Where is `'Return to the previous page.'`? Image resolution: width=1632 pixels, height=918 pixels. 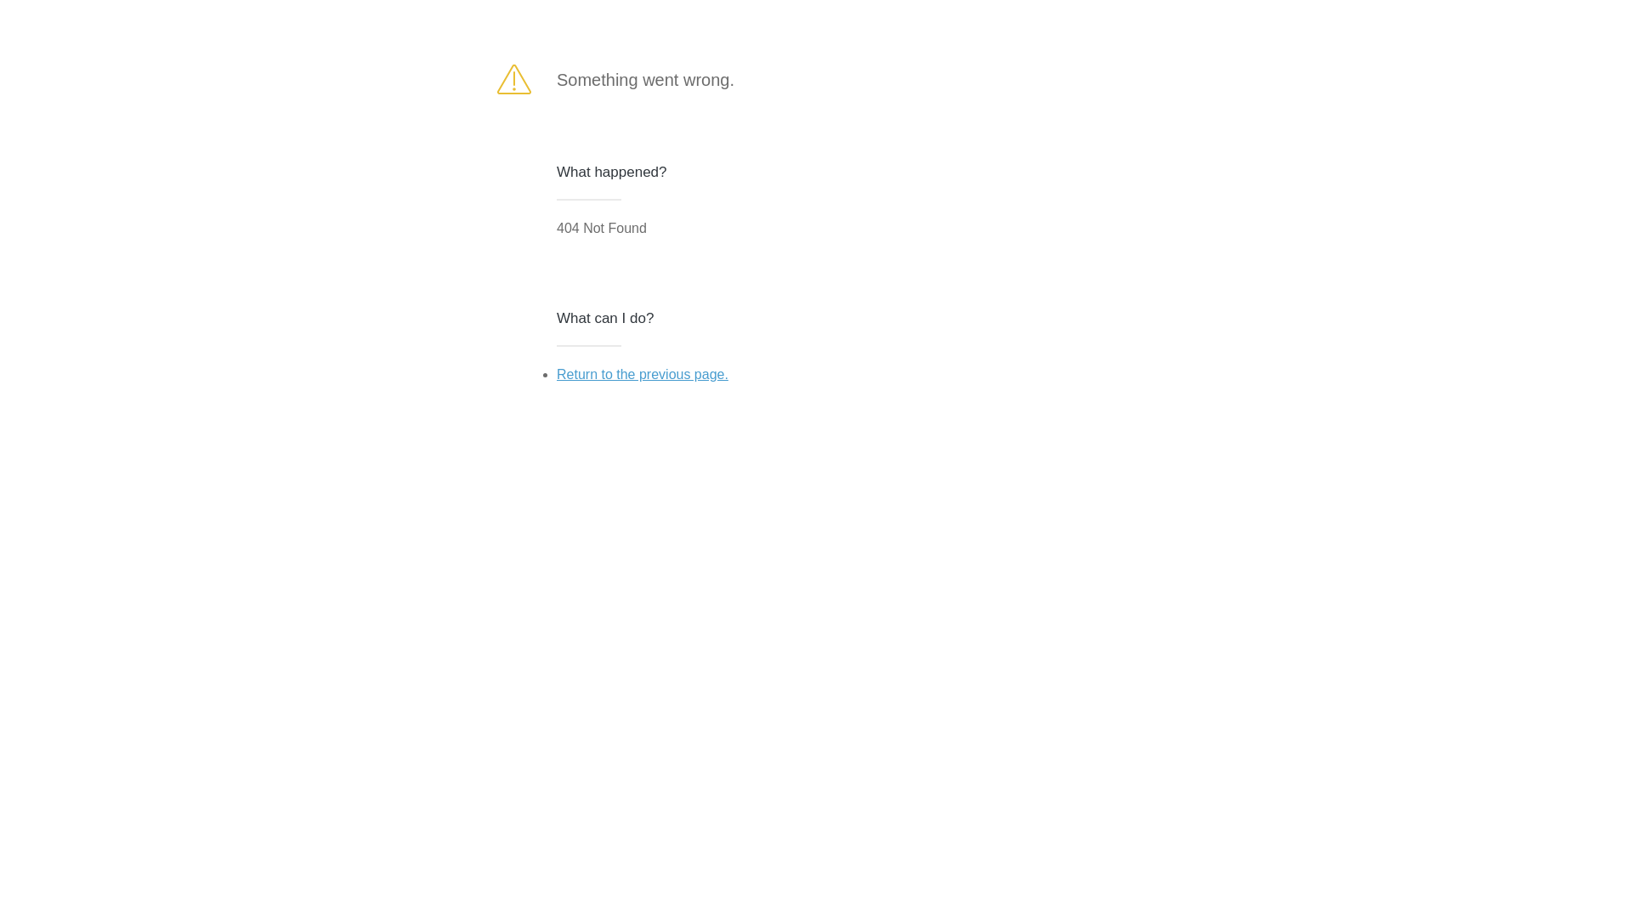
'Return to the previous page.' is located at coordinates (641, 373).